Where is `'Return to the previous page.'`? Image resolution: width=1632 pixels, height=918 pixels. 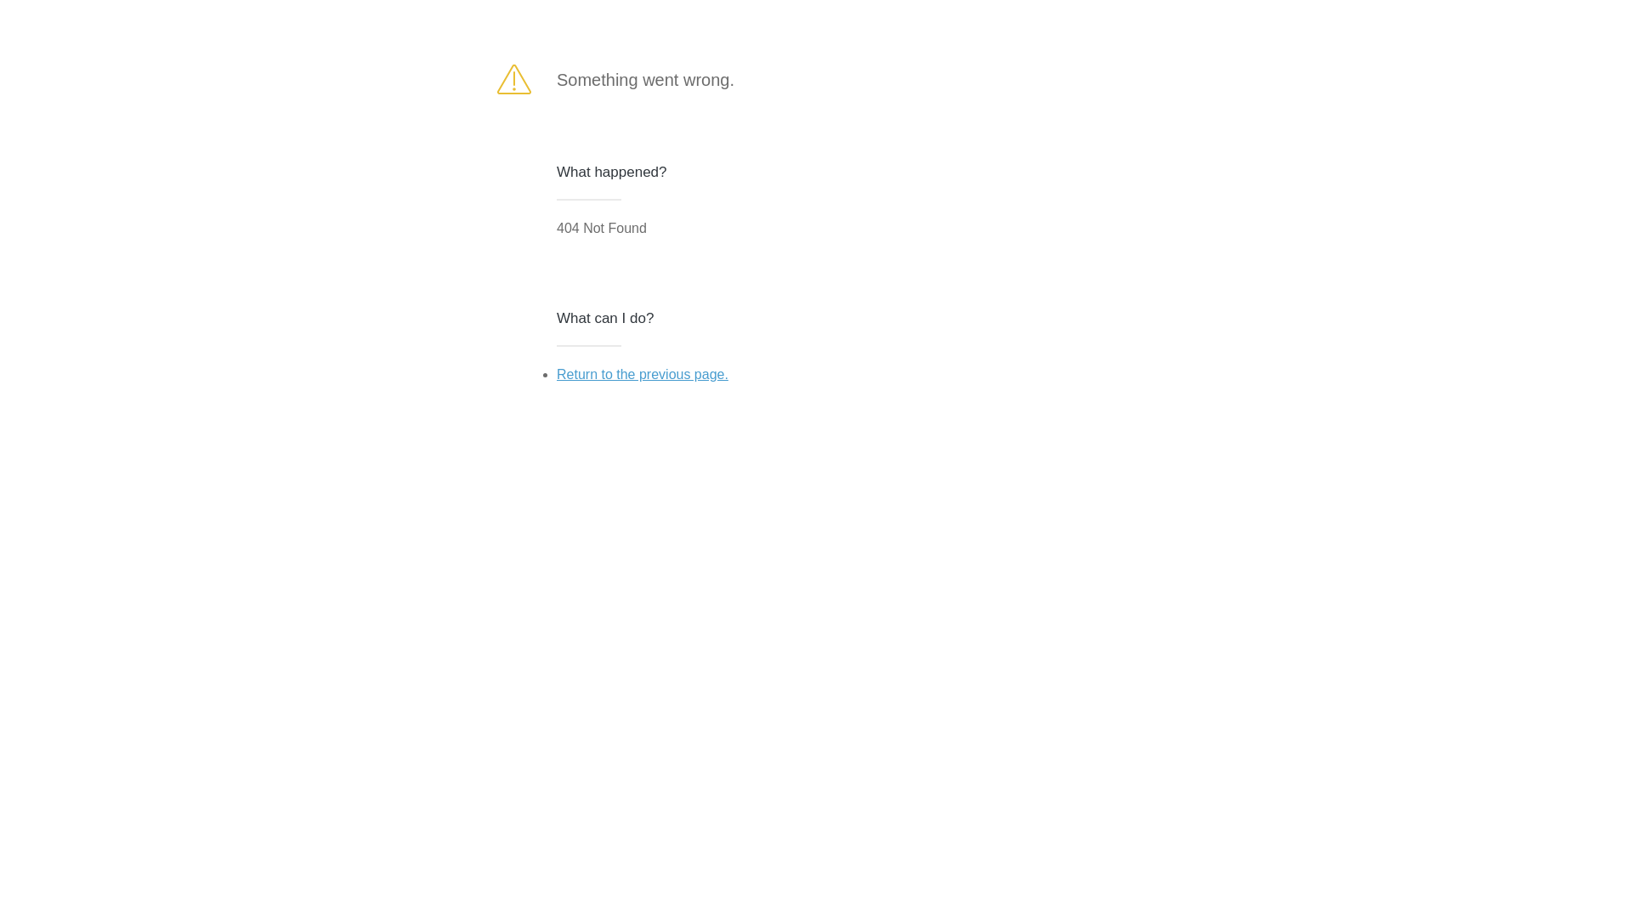
'Return to the previous page.' is located at coordinates (641, 373).